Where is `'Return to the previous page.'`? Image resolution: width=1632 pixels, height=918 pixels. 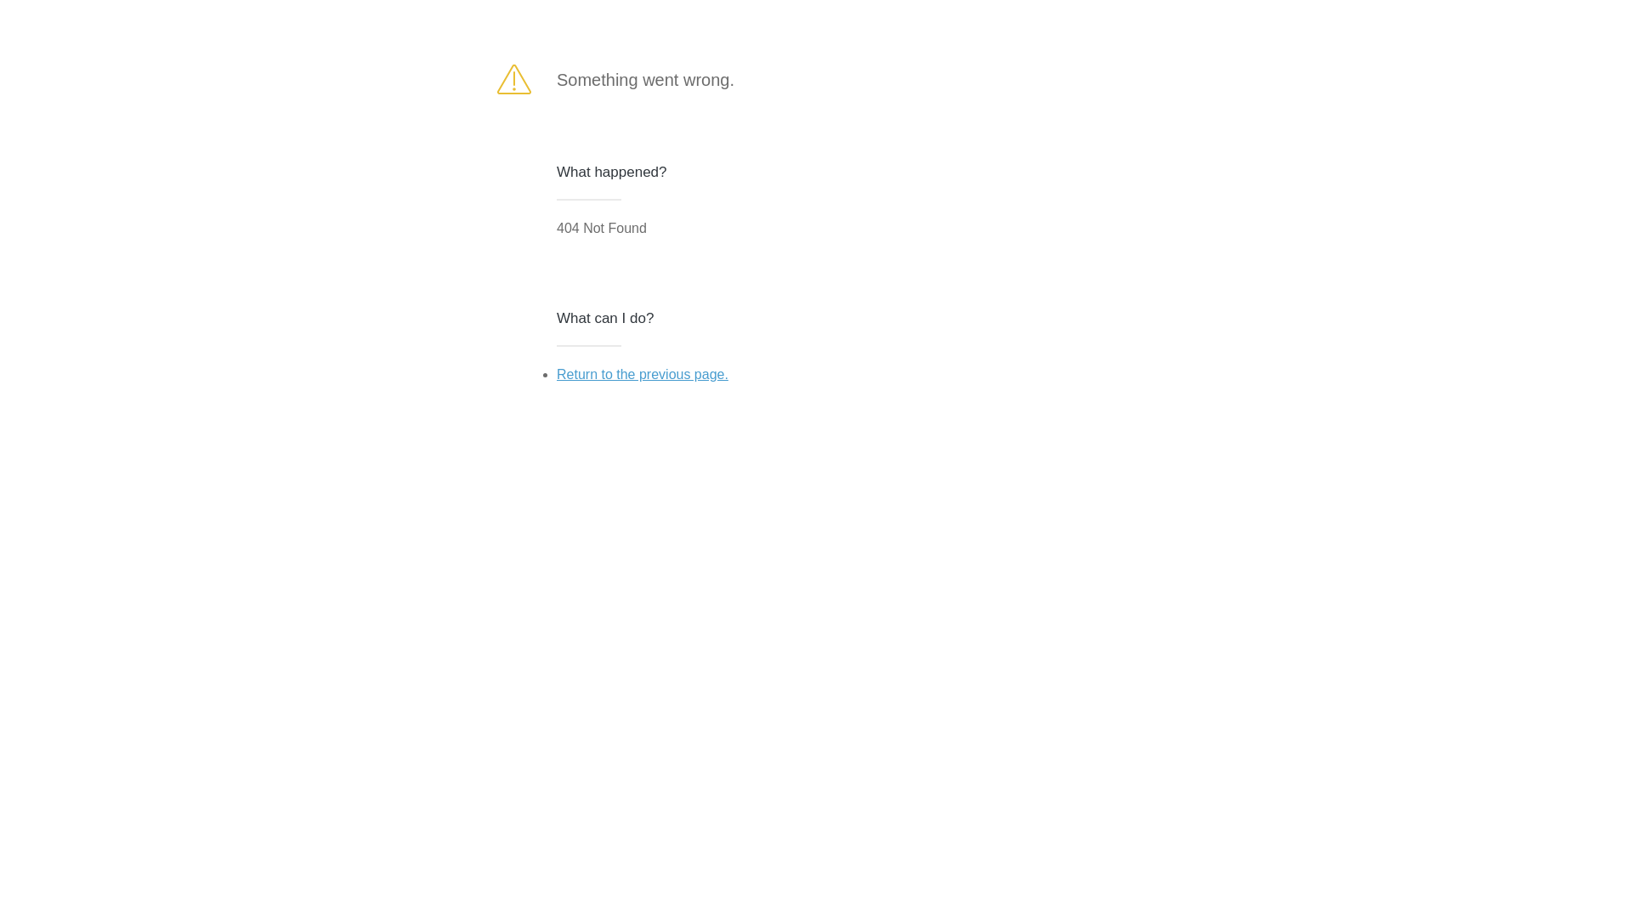
'Return to the previous page.' is located at coordinates (641, 373).